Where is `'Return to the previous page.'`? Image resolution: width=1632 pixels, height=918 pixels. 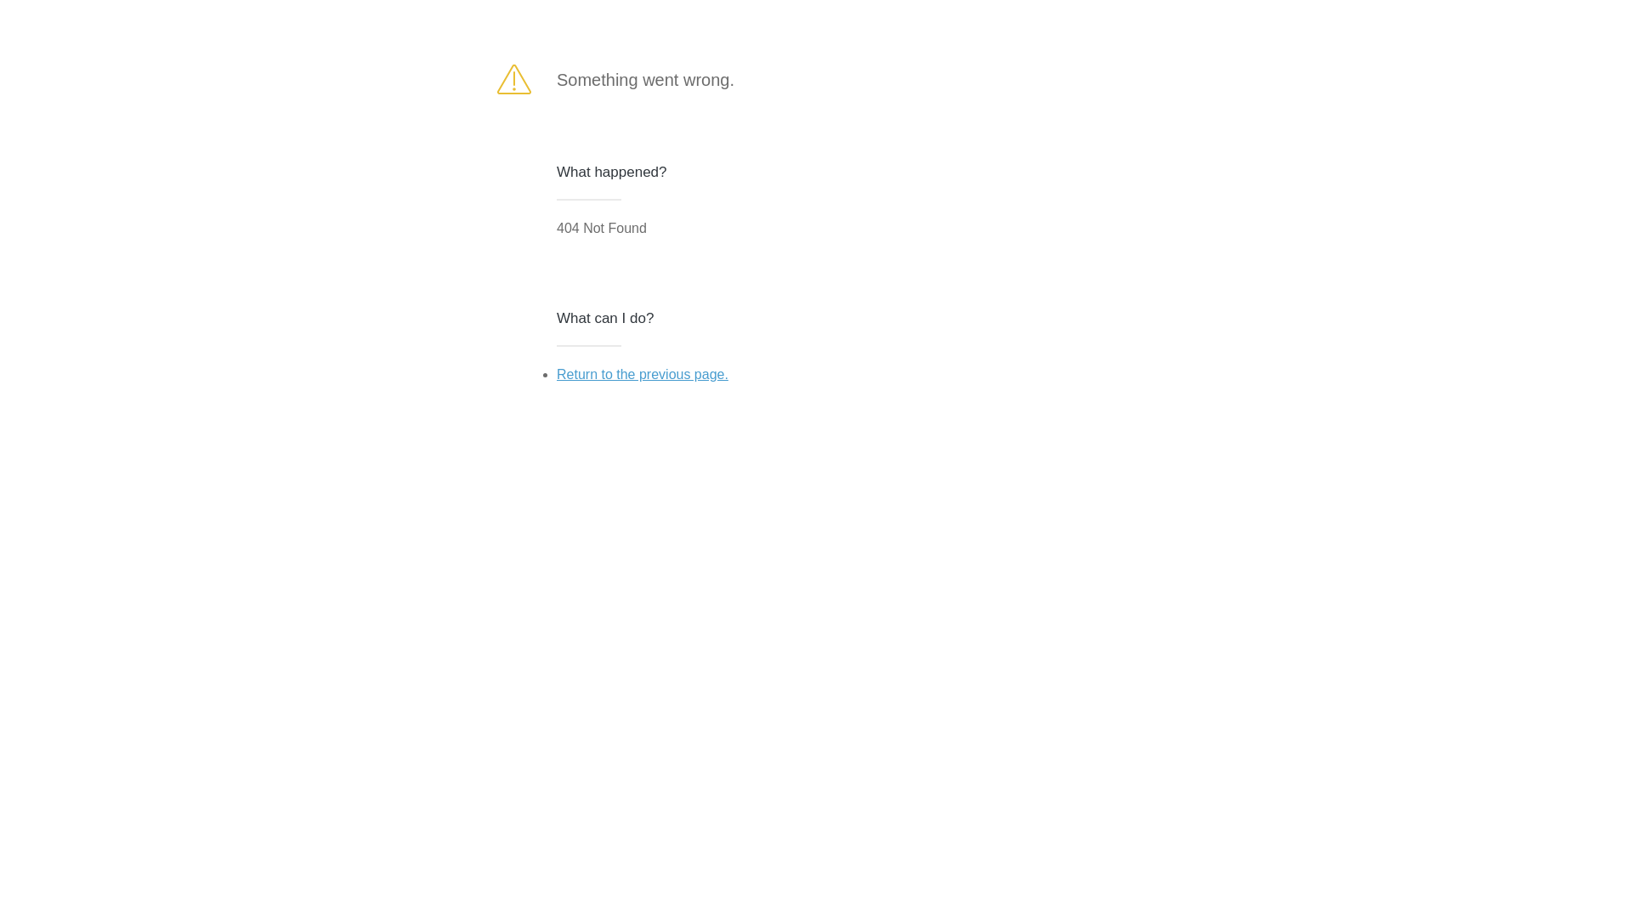
'Return to the previous page.' is located at coordinates (641, 373).